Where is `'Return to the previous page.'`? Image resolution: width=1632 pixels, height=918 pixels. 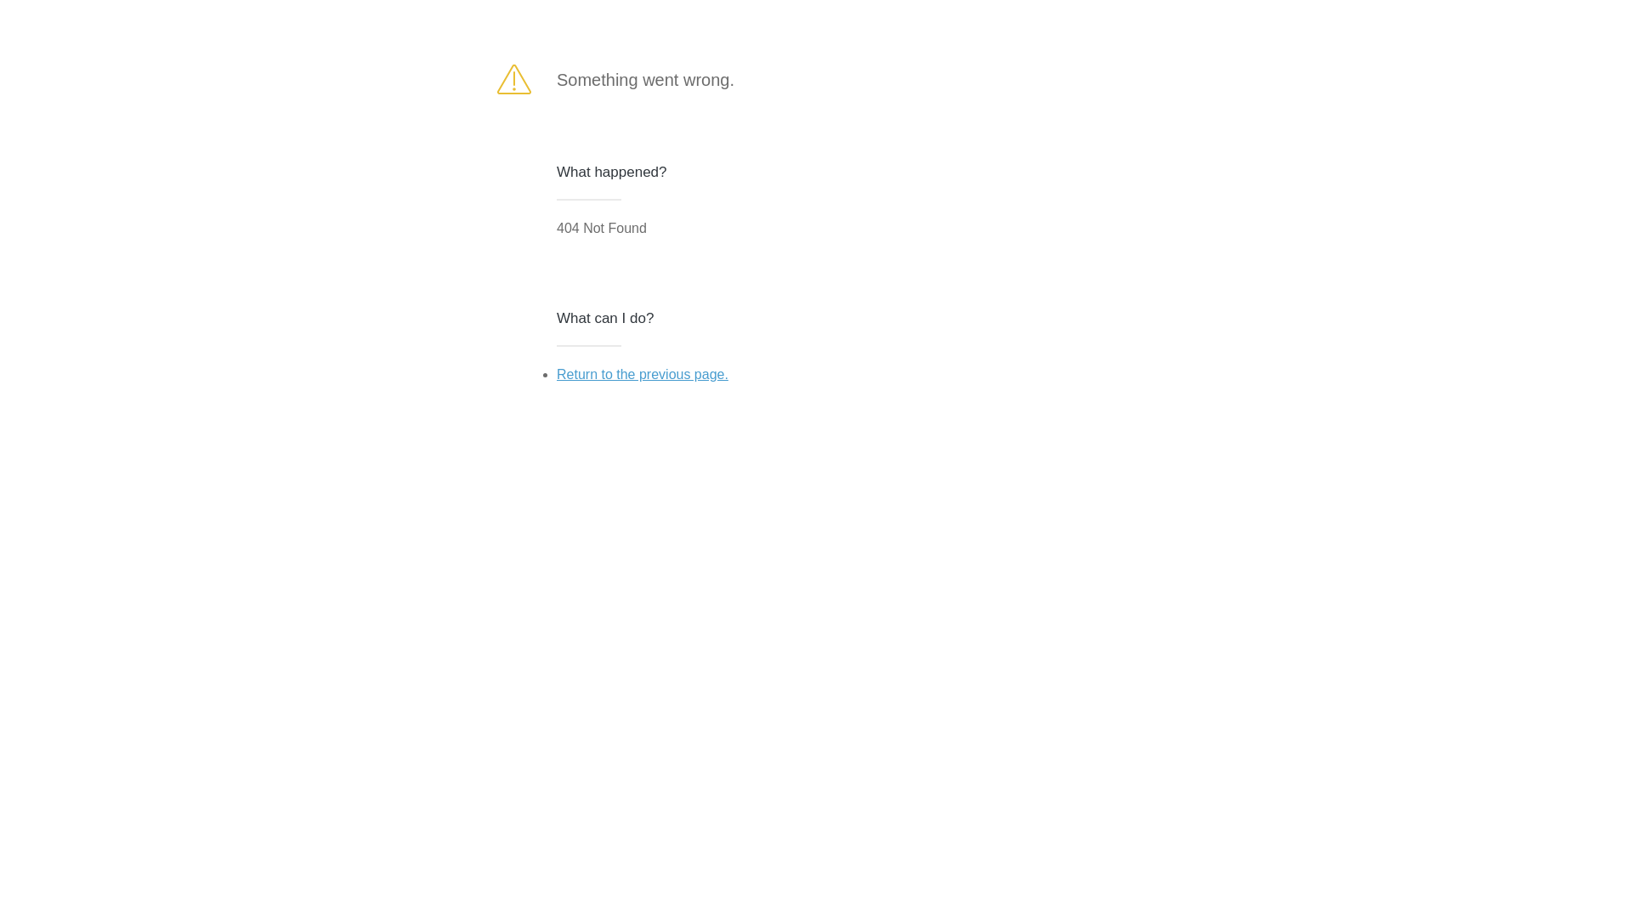
'Return to the previous page.' is located at coordinates (641, 373).